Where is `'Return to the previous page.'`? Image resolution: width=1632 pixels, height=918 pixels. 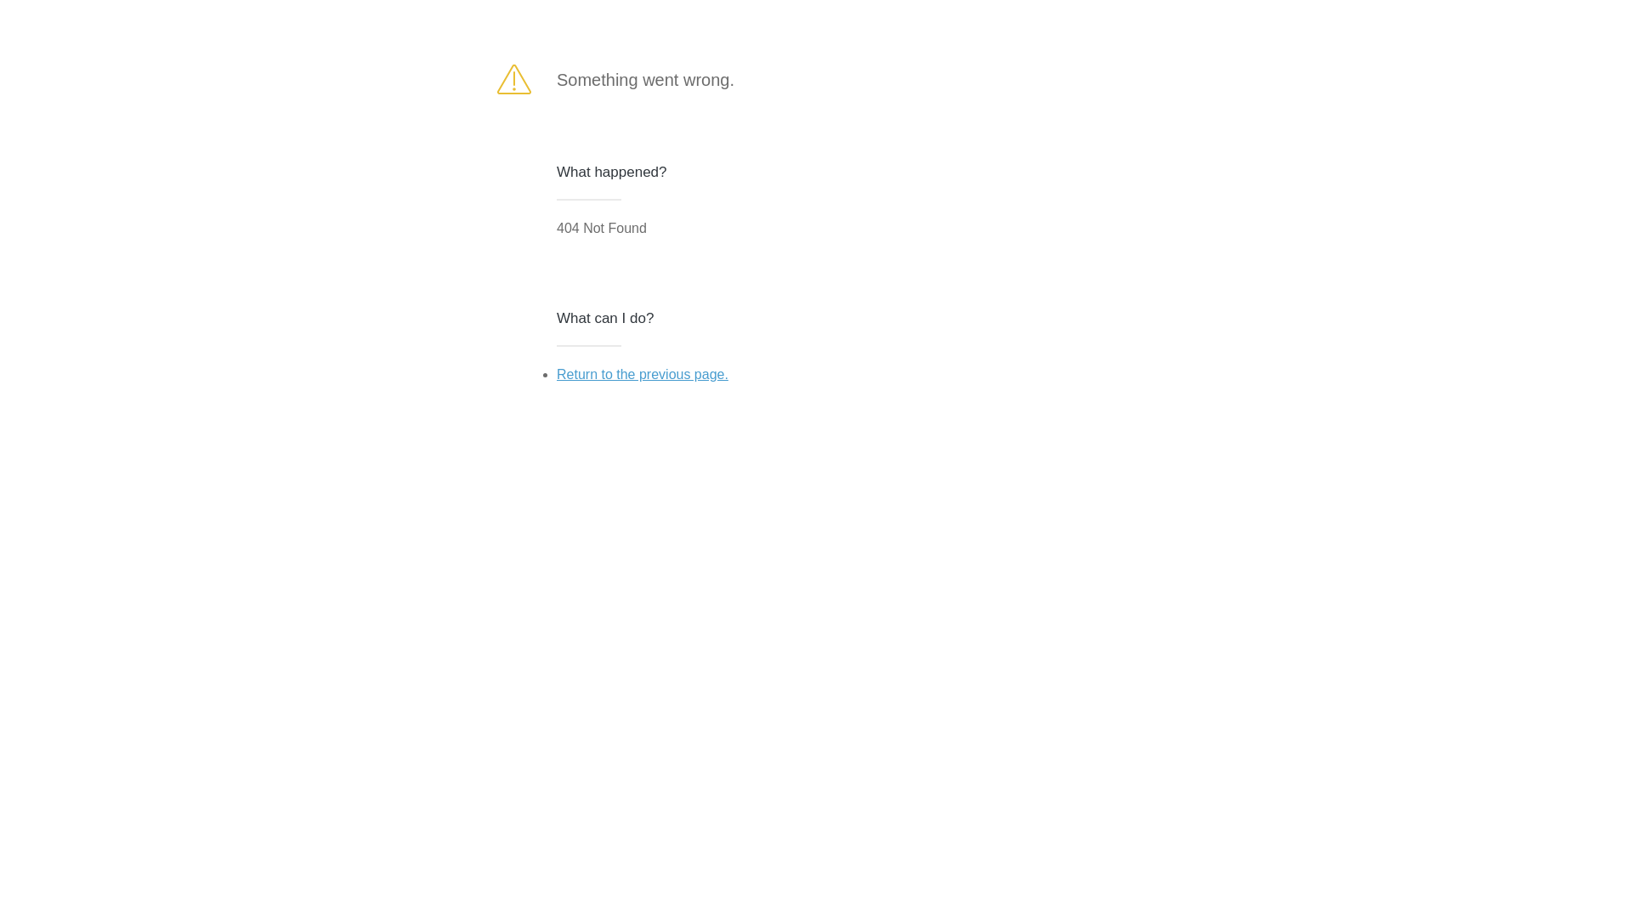
'Return to the previous page.' is located at coordinates (641, 373).